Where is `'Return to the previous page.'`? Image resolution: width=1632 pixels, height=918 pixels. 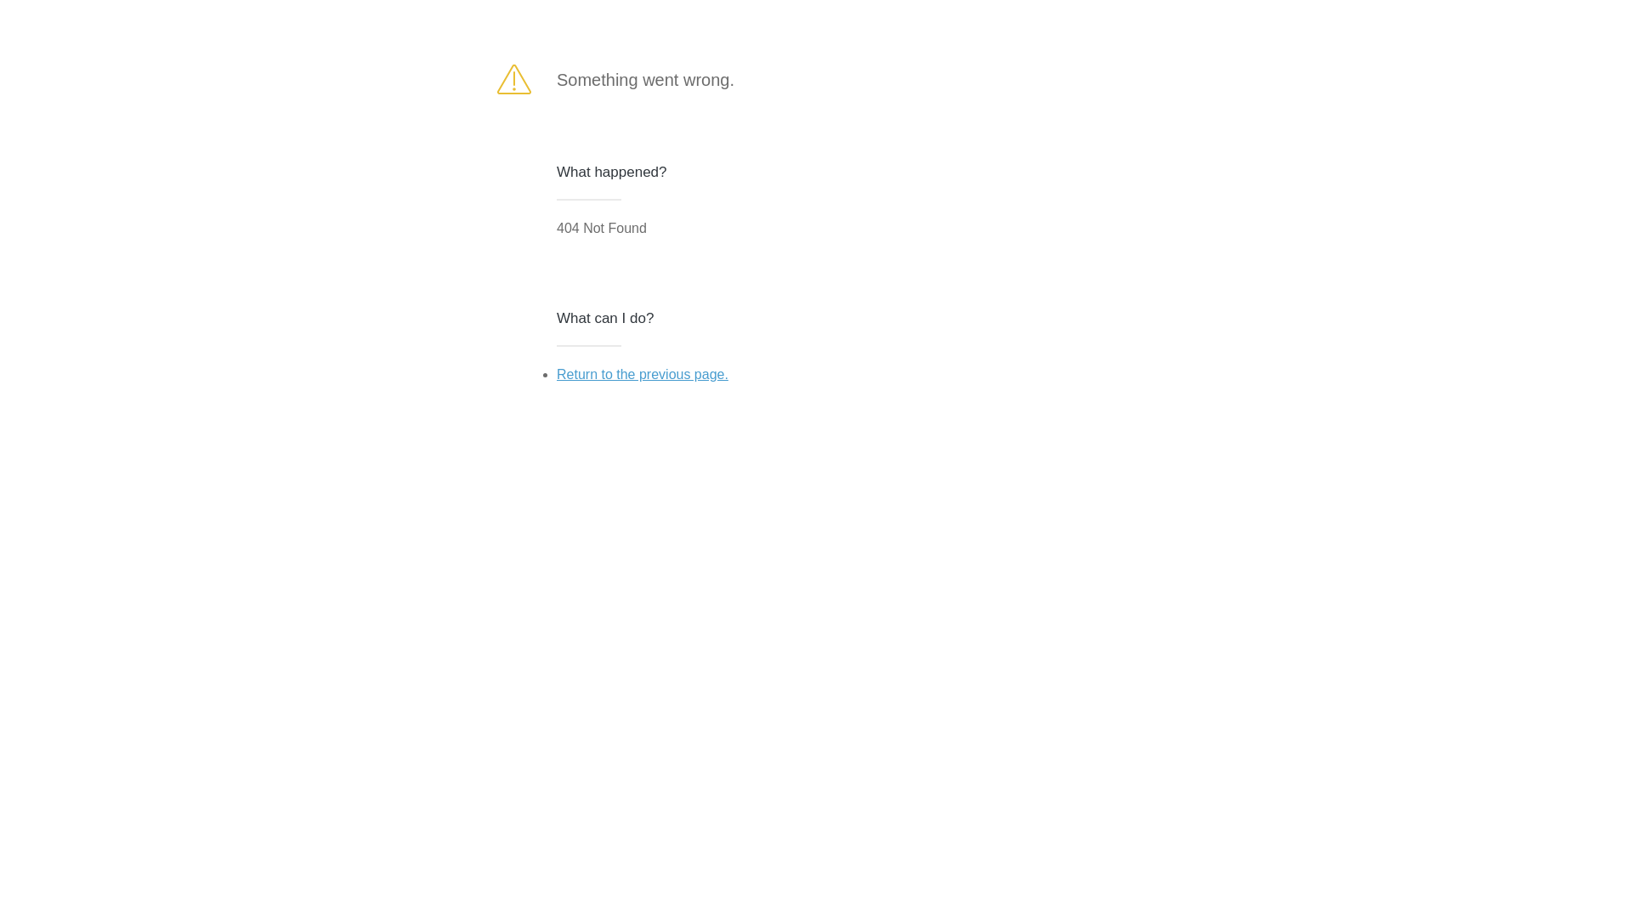
'Return to the previous page.' is located at coordinates (641, 373).